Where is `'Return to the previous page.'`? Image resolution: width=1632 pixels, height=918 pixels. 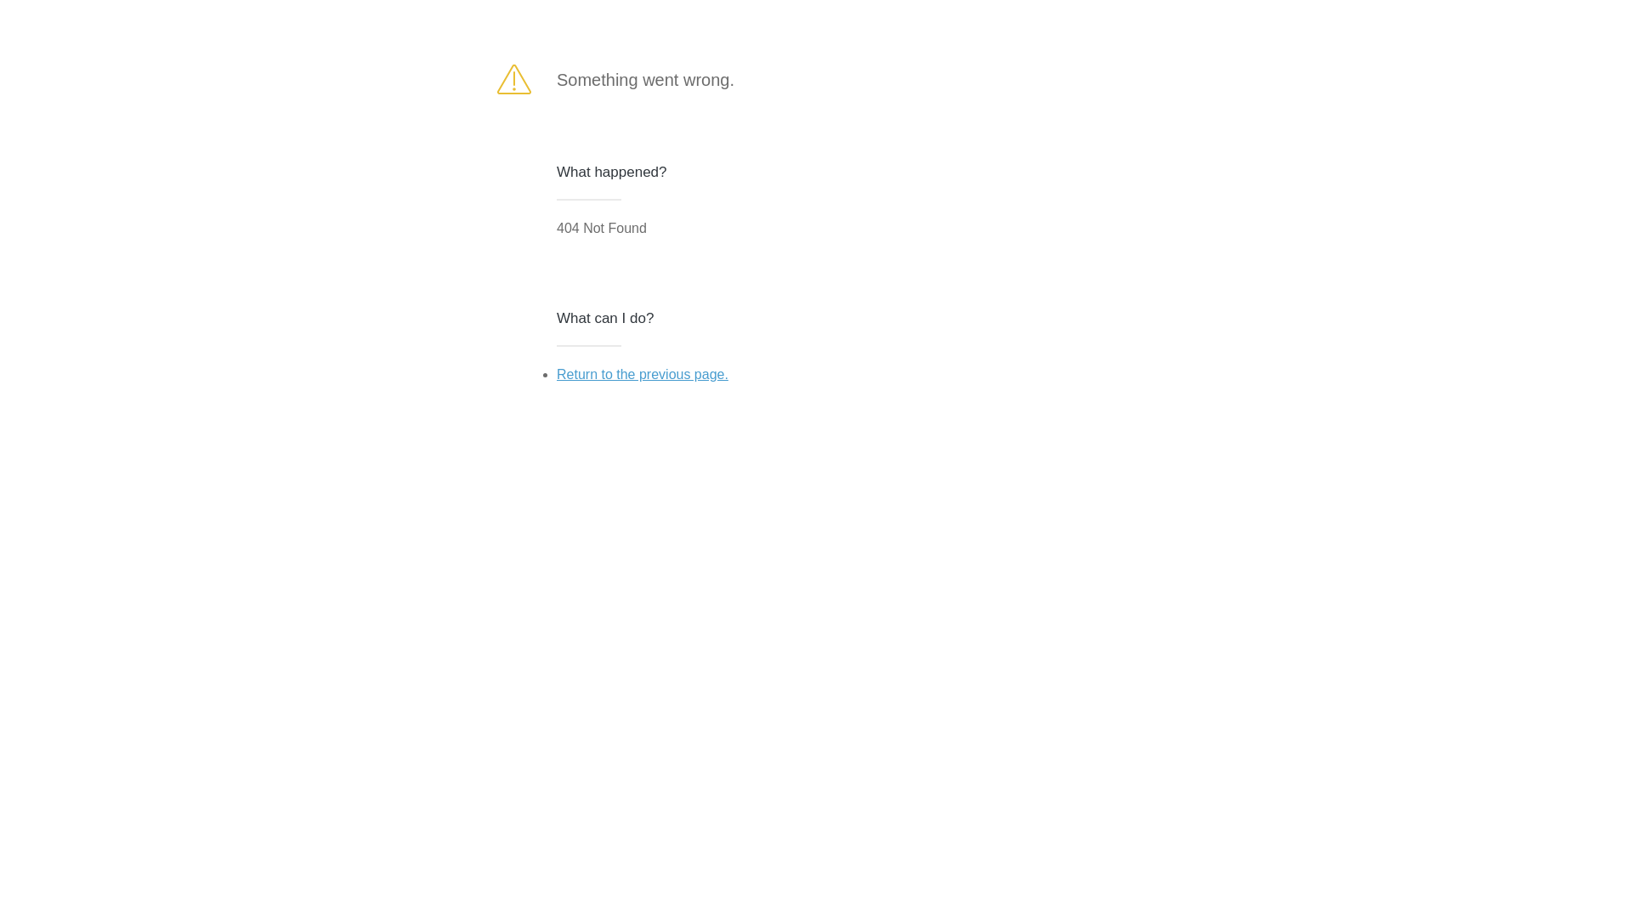
'Return to the previous page.' is located at coordinates (641, 373).